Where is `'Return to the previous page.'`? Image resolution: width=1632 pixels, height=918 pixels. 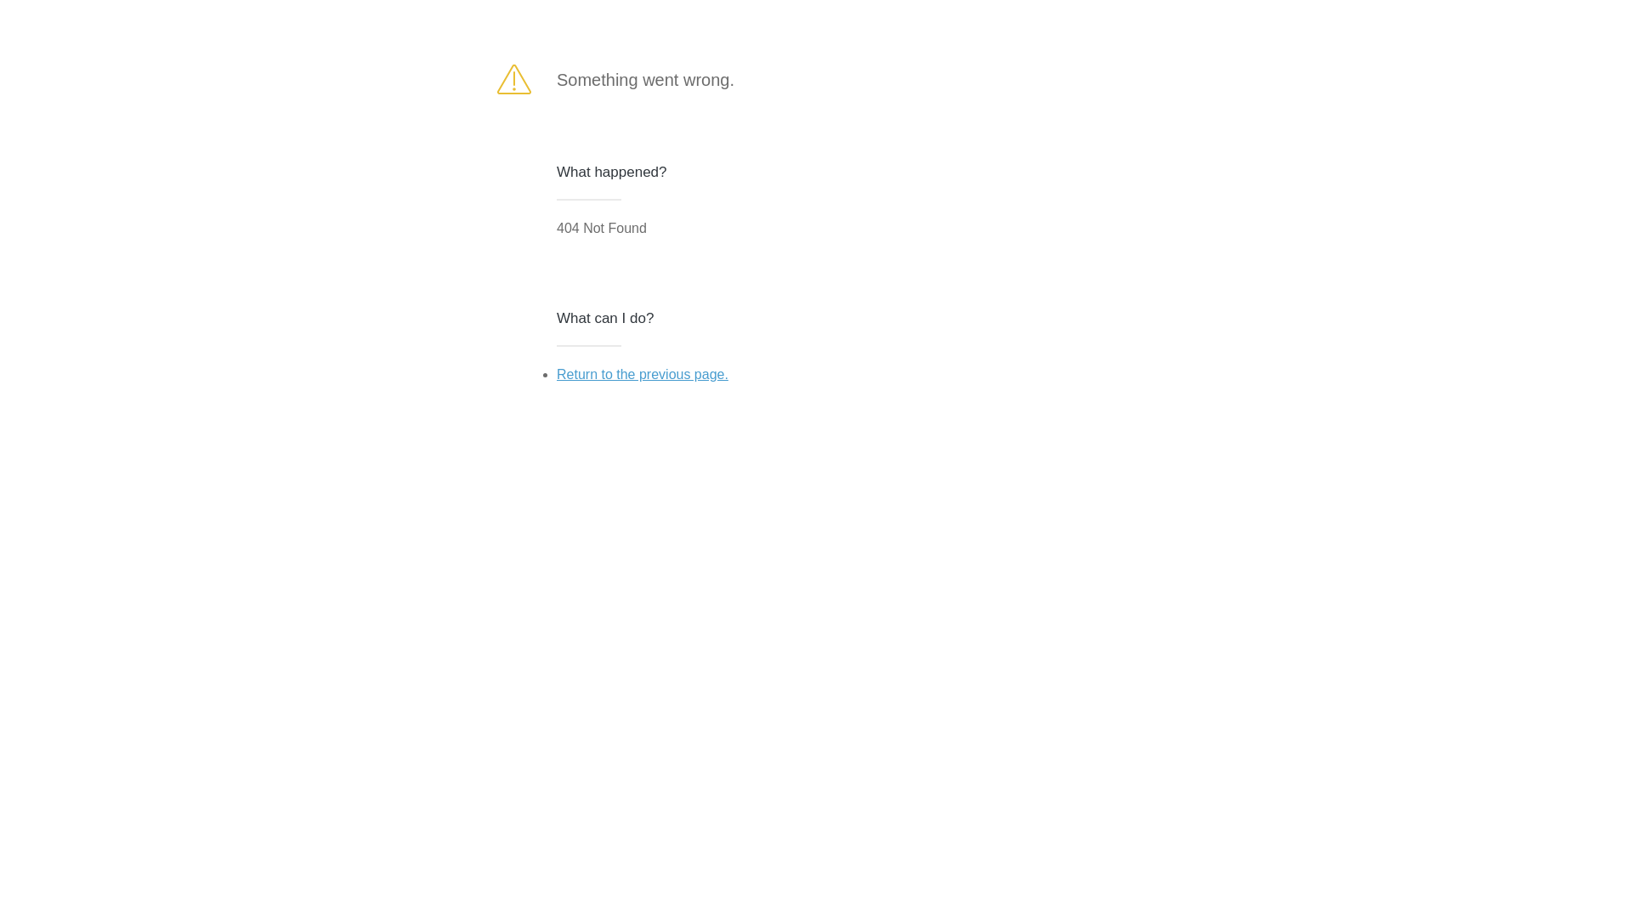
'Return to the previous page.' is located at coordinates (641, 373).